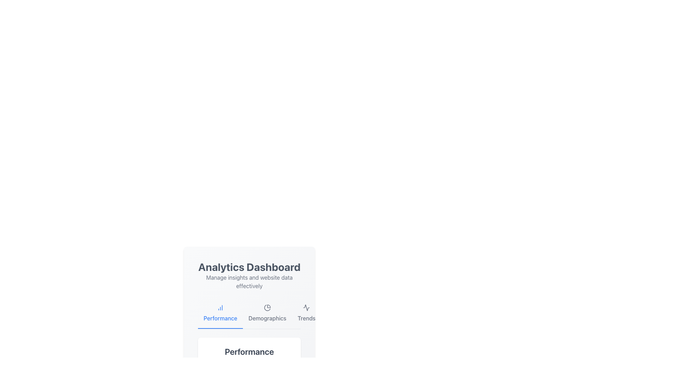 This screenshot has width=674, height=379. I want to click on text of the header labeled 'Analytics Dashboard', which is a bold and large text positioned at the top of the section, so click(249, 267).